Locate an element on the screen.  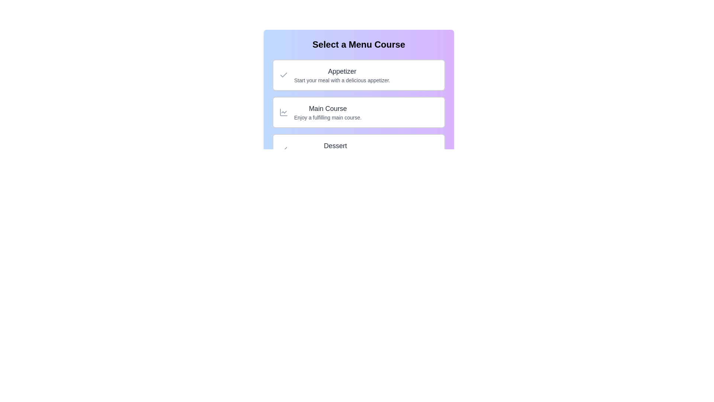
the static text label that serves as the title for the 'Main Course' section in the menu interface is located at coordinates (327, 109).